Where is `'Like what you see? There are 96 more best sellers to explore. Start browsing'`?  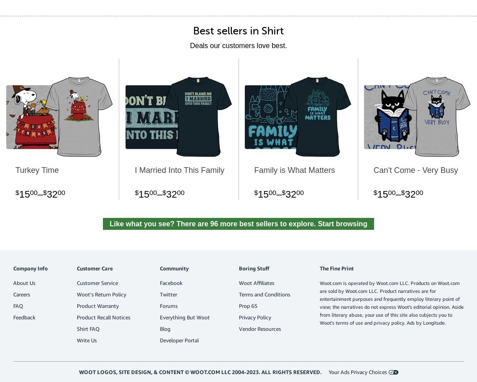 'Like what you see? There are 96 more best sellers to explore. Start browsing' is located at coordinates (238, 223).